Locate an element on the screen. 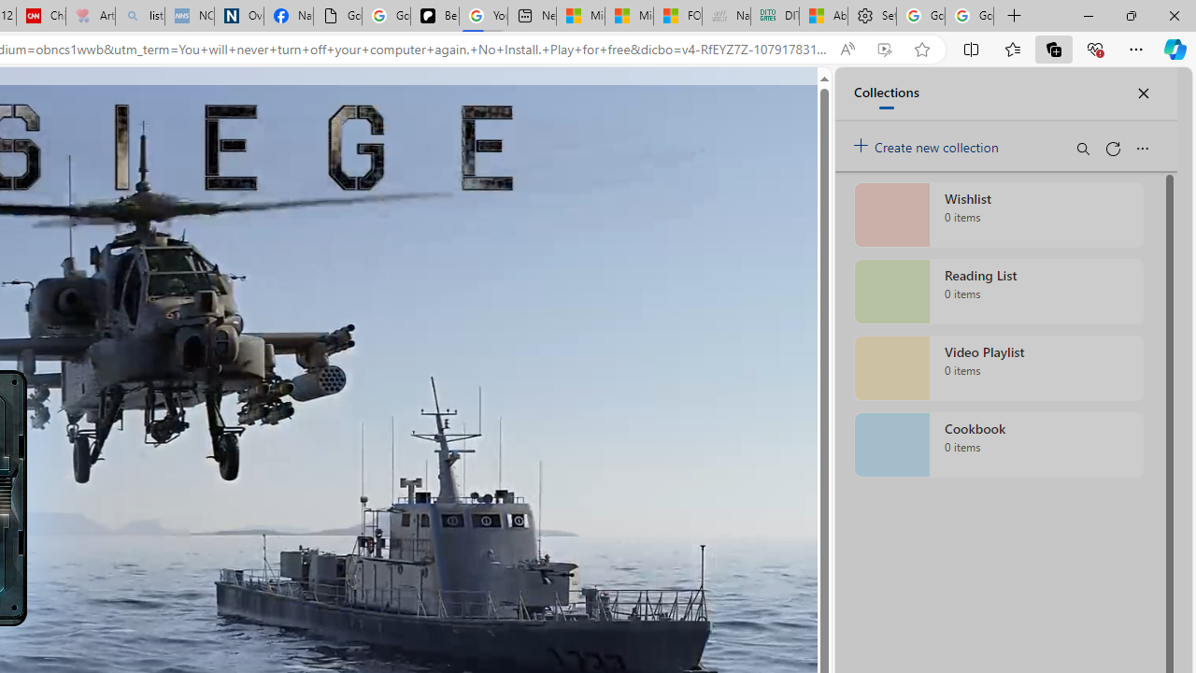 This screenshot has height=673, width=1196. 'FOX News - MSN' is located at coordinates (676, 16).